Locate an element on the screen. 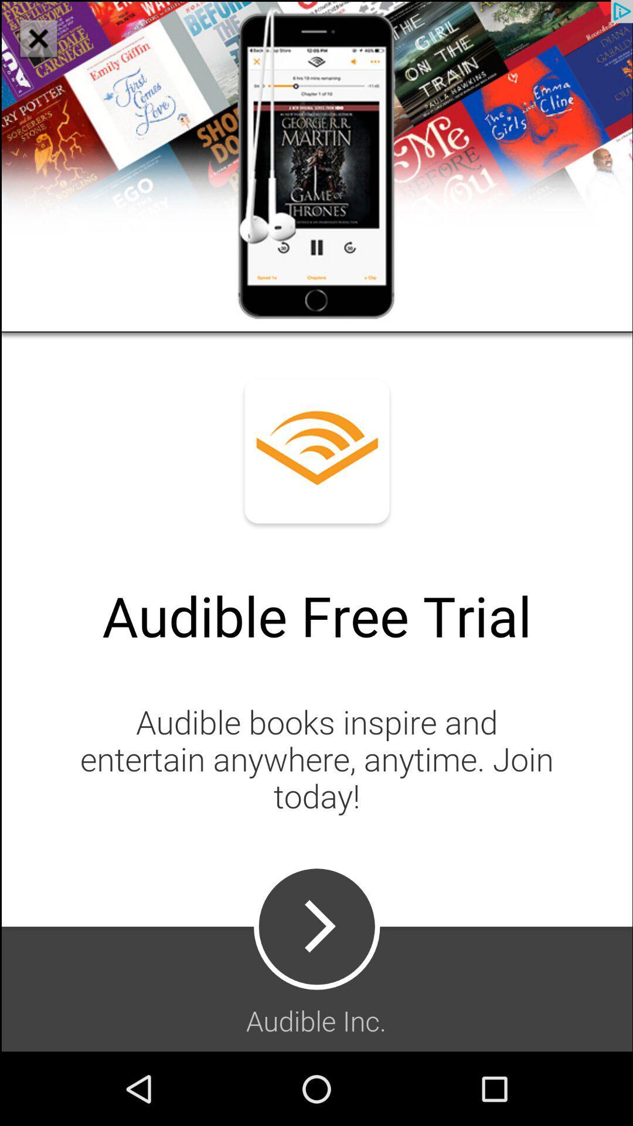 This screenshot has height=1126, width=633. the close icon is located at coordinates (45, 49).